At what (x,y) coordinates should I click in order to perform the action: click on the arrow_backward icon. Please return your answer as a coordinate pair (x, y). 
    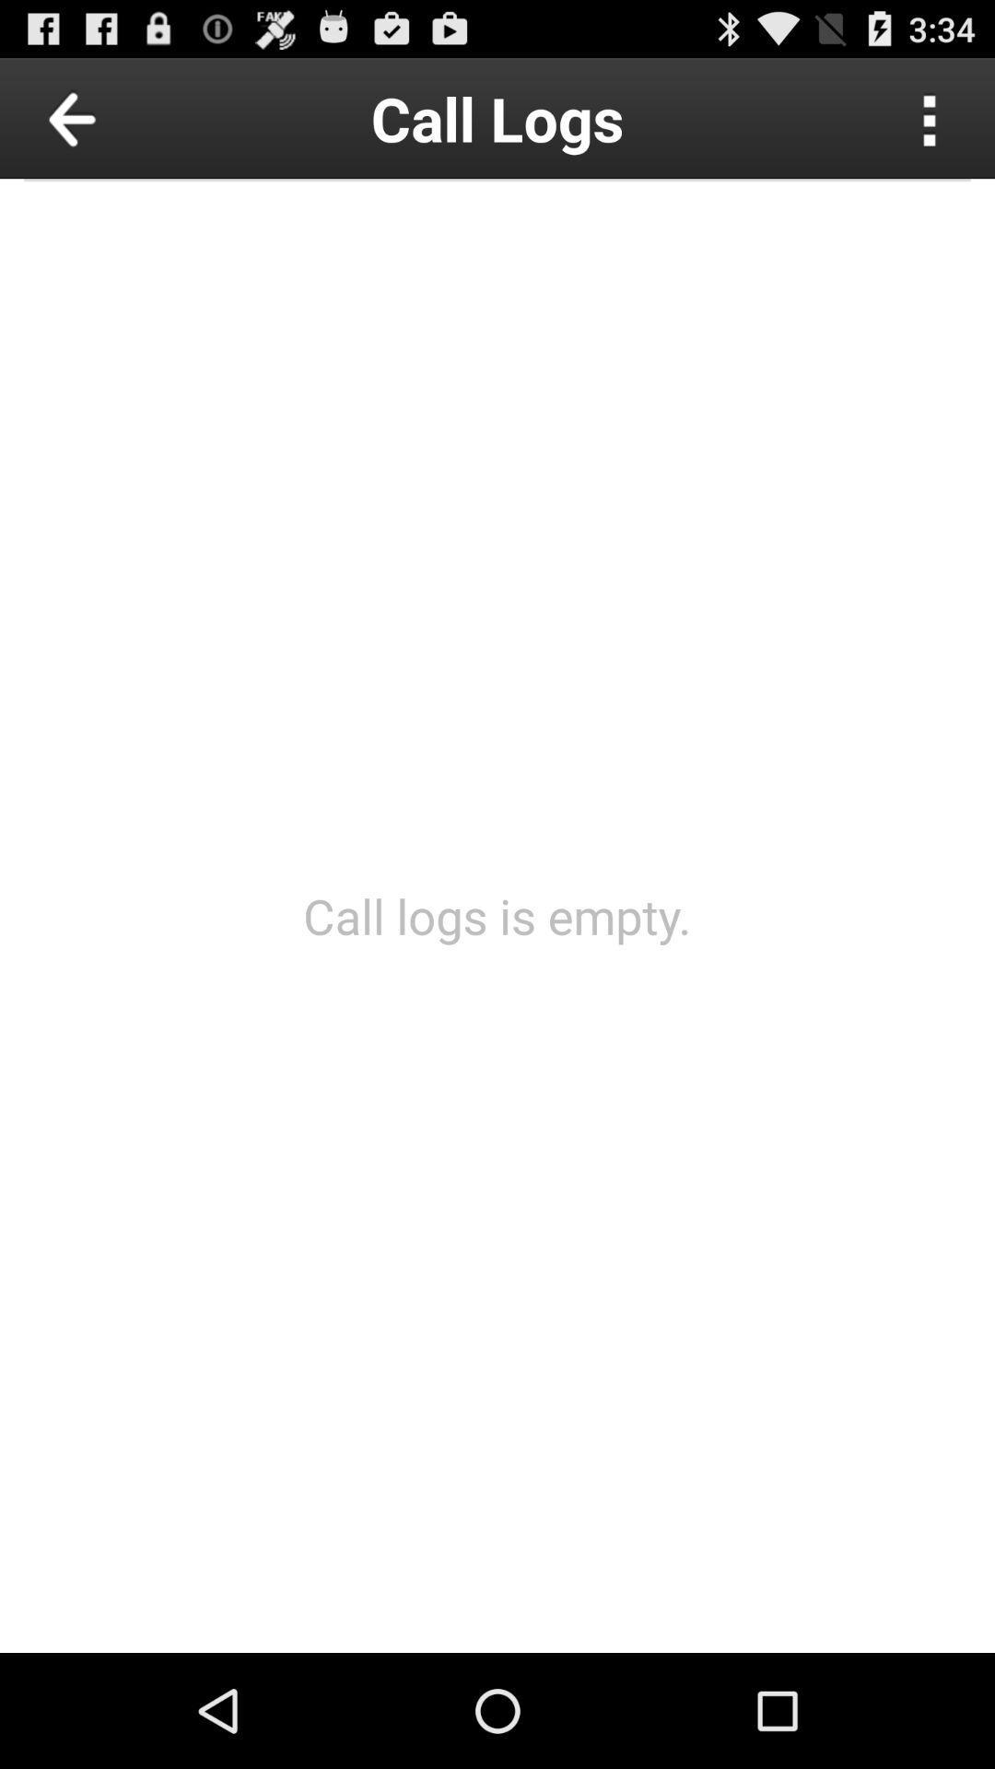
    Looking at the image, I should click on (114, 125).